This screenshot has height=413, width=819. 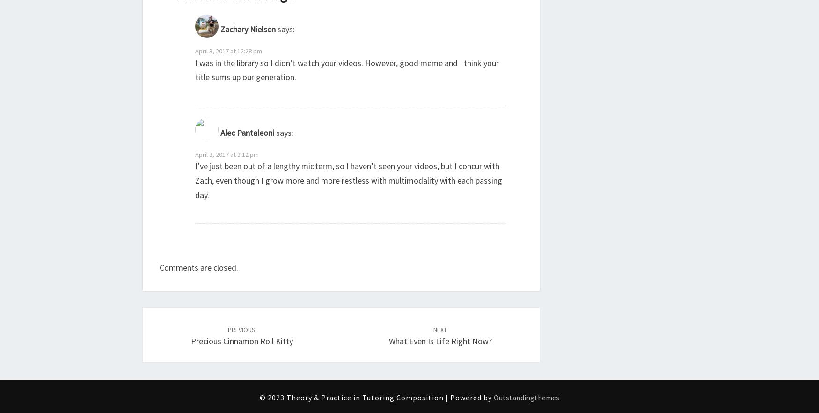 I want to click on '© 2023 Theory & Practice in Tutoring Composition			| Powered by', so click(x=259, y=398).